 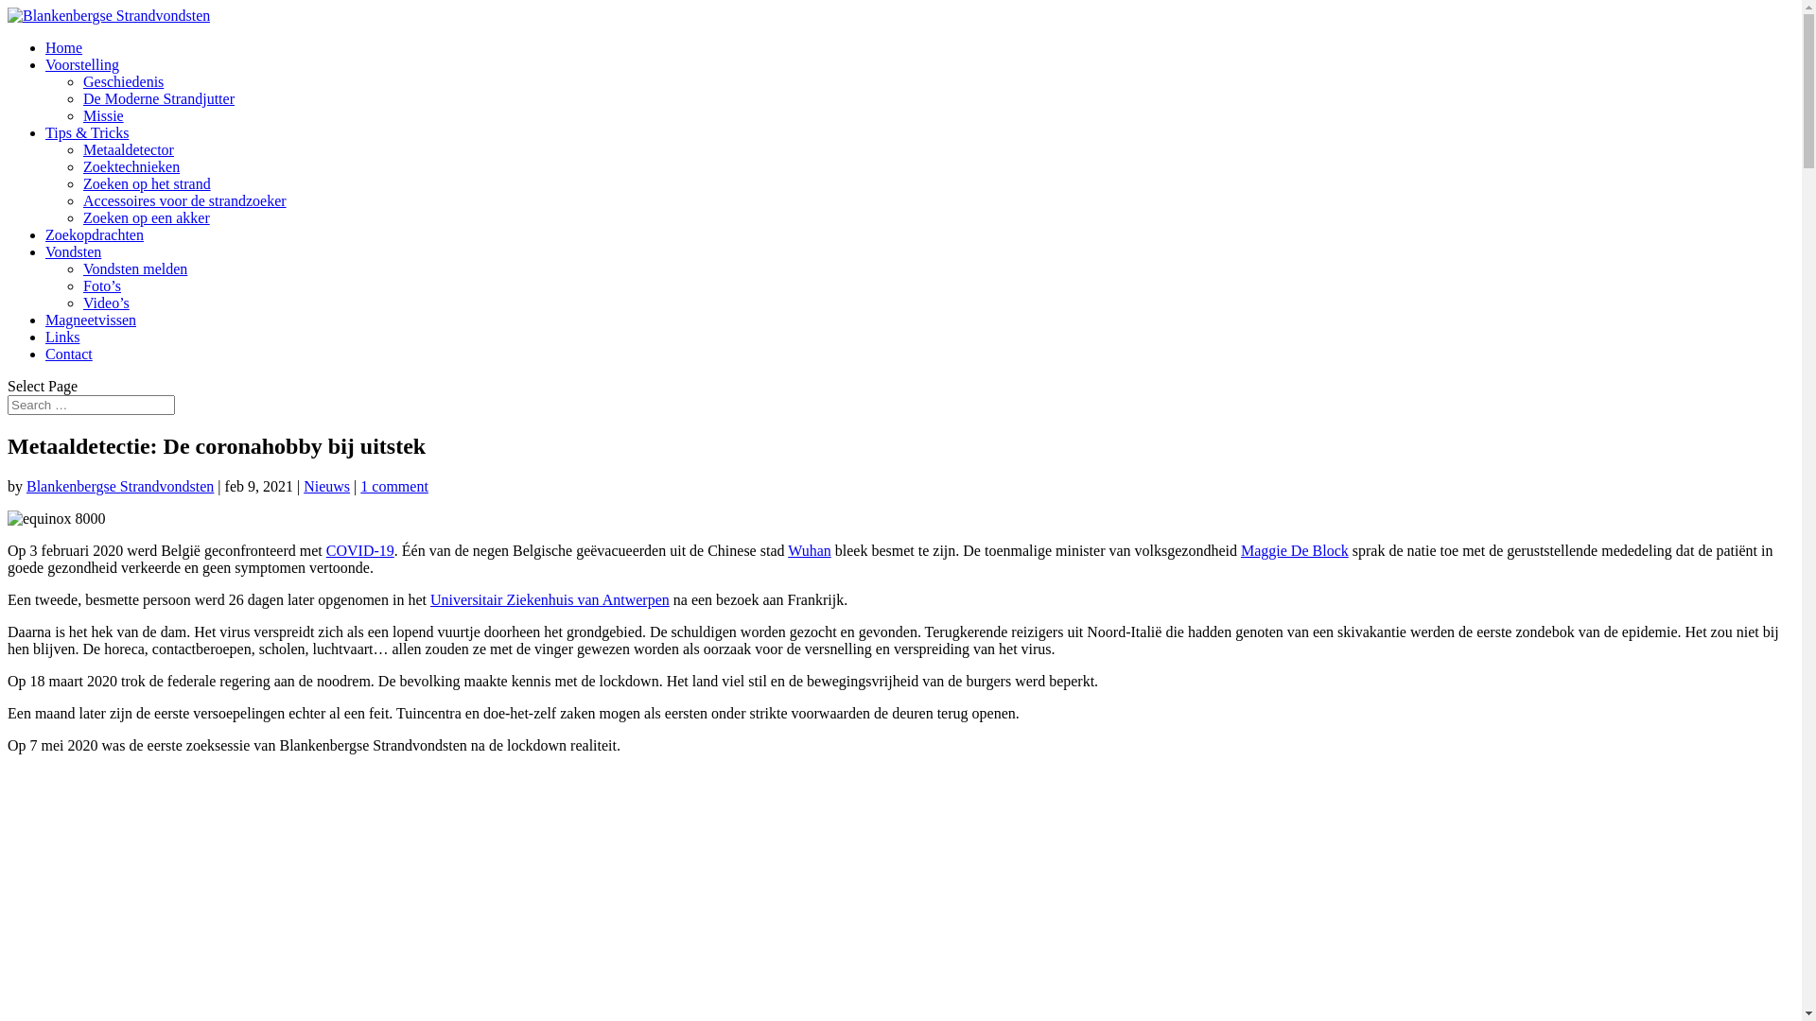 What do you see at coordinates (788, 550) in the screenshot?
I see `'Wuhan'` at bounding box center [788, 550].